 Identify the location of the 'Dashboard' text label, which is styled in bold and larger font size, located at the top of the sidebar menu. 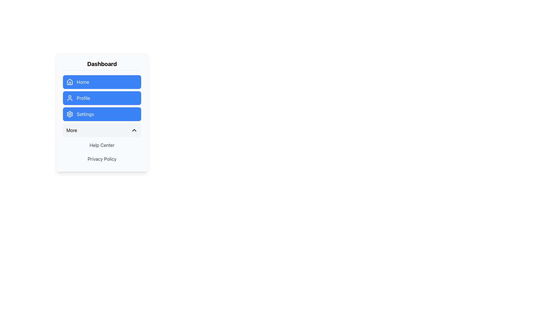
(102, 64).